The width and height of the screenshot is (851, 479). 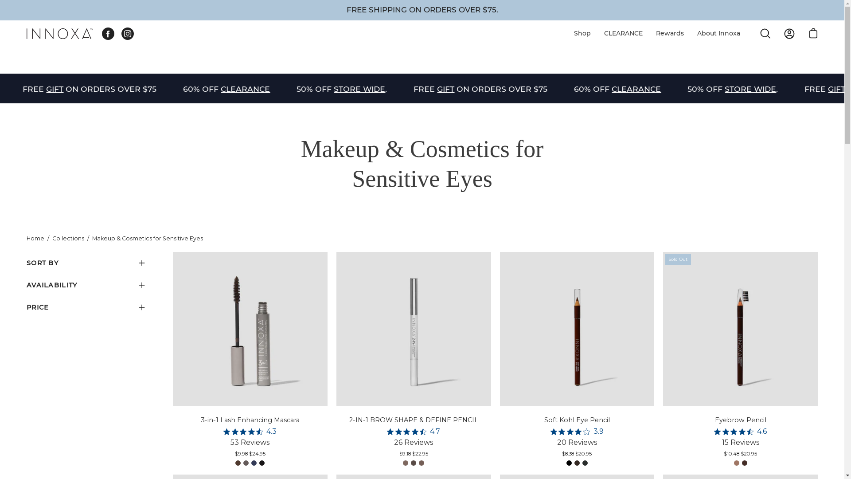 I want to click on 'PRICE', so click(x=86, y=307).